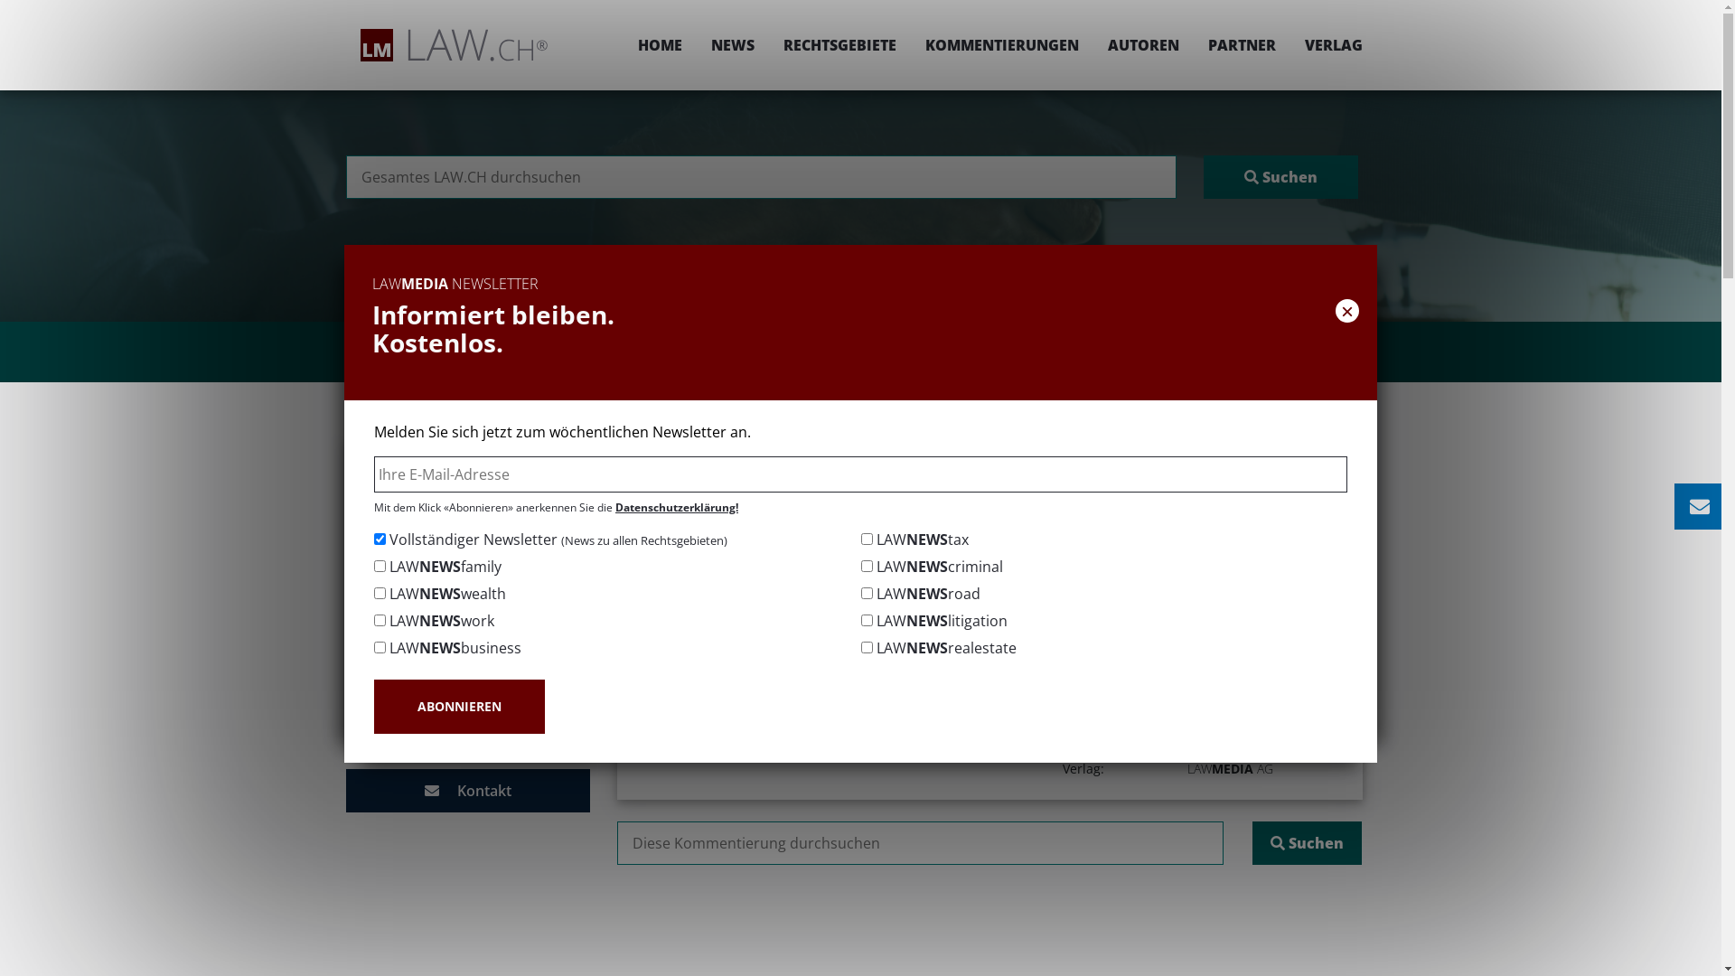 The image size is (1735, 976). Describe the element at coordinates (345, 790) in the screenshot. I see `'    Kontakt'` at that location.